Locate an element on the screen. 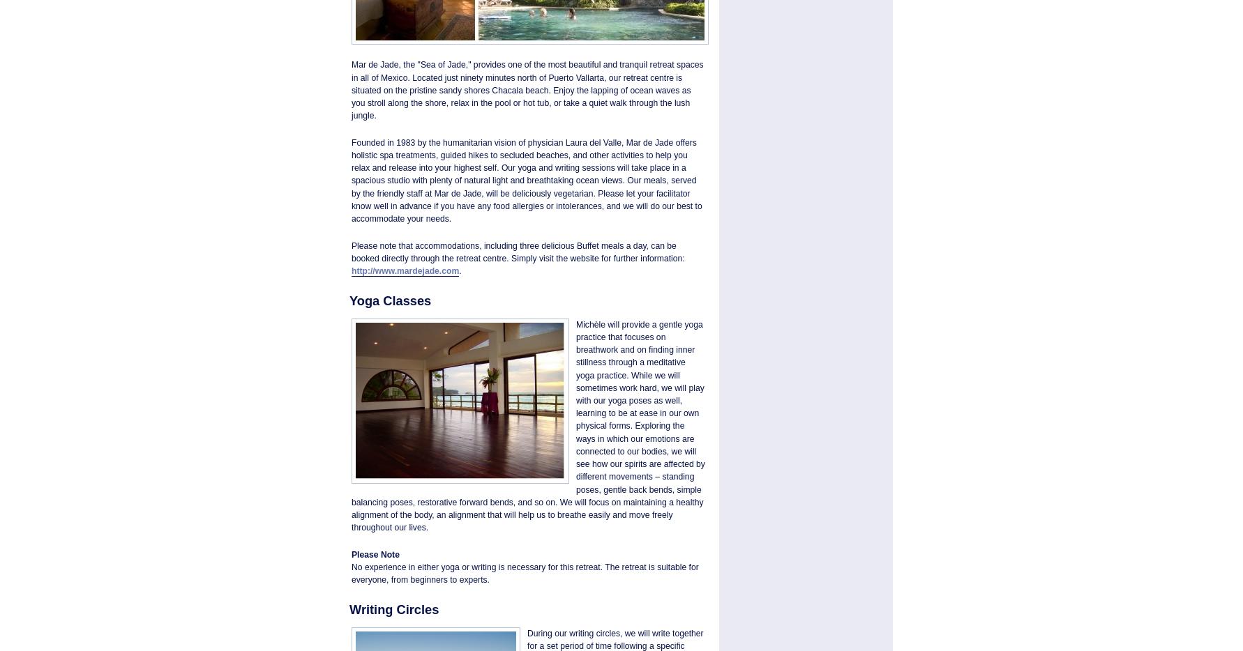  'Founded in 1983 by the humanitarian vision of physician Laura del Valle, Mar de Jade offers holistic spa treatments, guided hikes to secluded beaches, and other activities to help you relax and release into your highest self. Our yoga and writing sessions will take place in a spacious studio with plenty of natural light and breathtaking ocean views. Our meals, served by the friendly staff at Mar de Jade, will be deliciously vegetarian. Please let your facilitator know well in advance if you have any food allergies or intolerances, and we will do our best to accommodate your needs.' is located at coordinates (350, 180).